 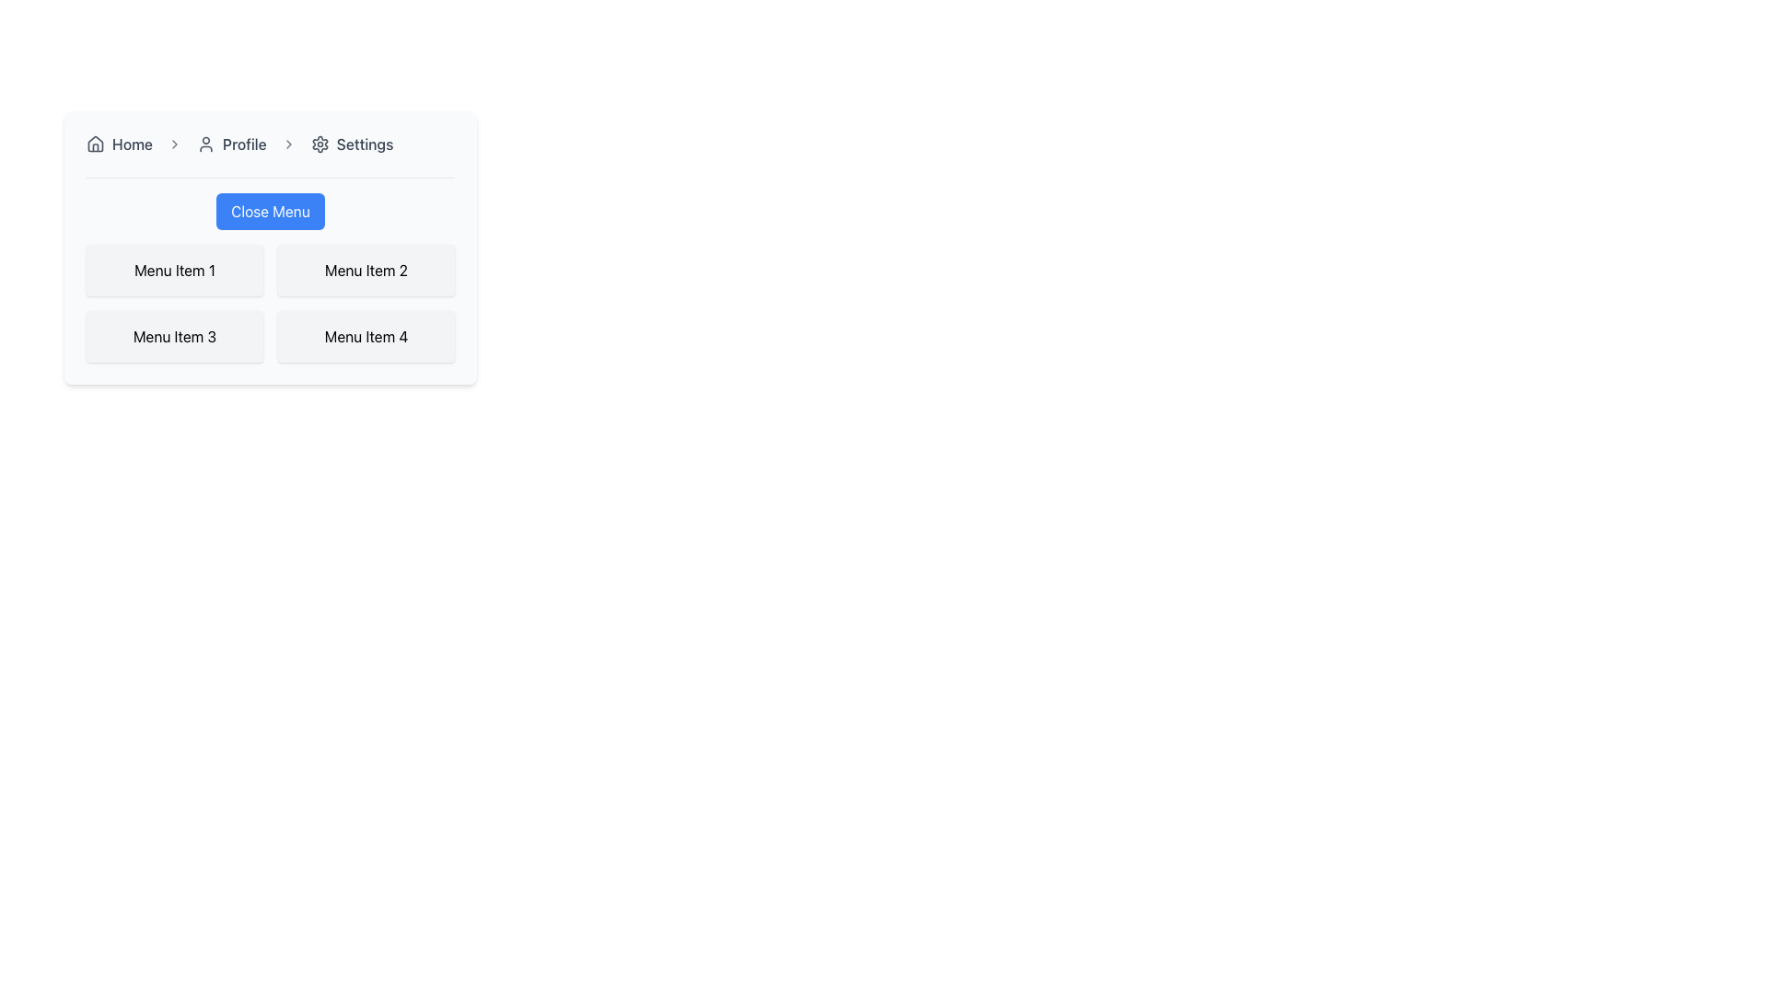 I want to click on the 'Home' navigation link located in the upper left corner of the navigation bar to change its appearance, so click(x=118, y=144).